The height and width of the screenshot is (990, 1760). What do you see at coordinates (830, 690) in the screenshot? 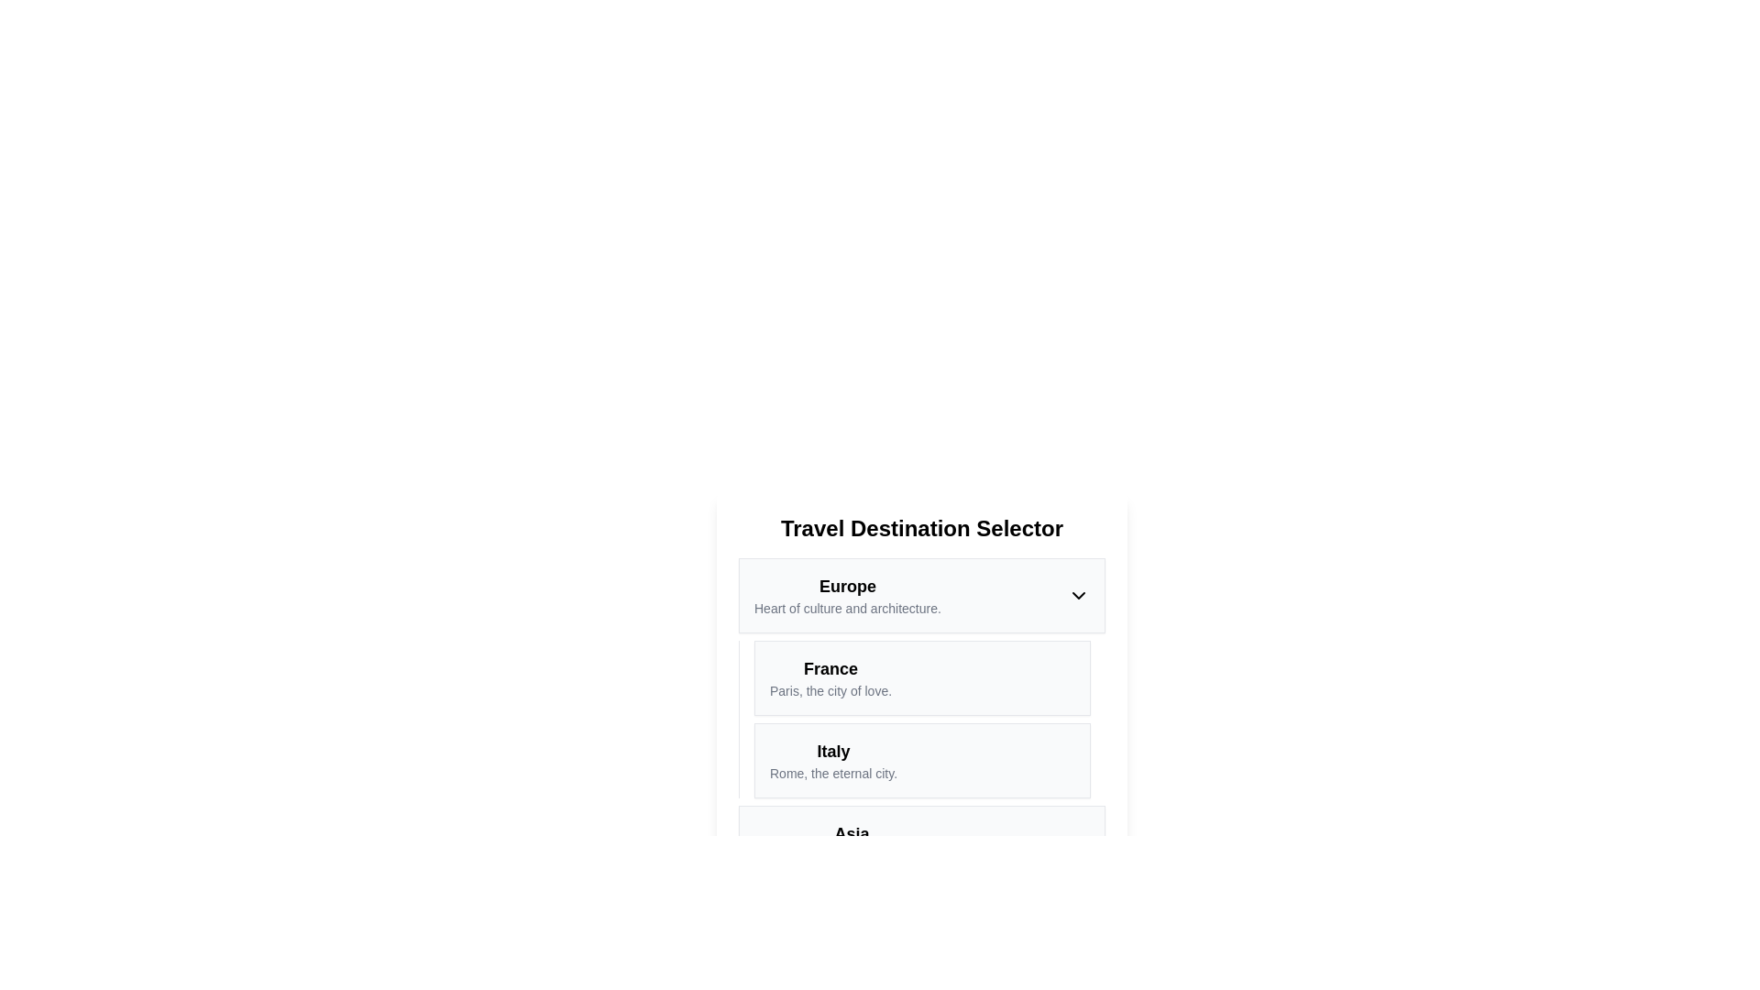
I see `the Text label that provides descriptive content under the title 'France' in the 'Travel Destination Selector' panel` at bounding box center [830, 690].